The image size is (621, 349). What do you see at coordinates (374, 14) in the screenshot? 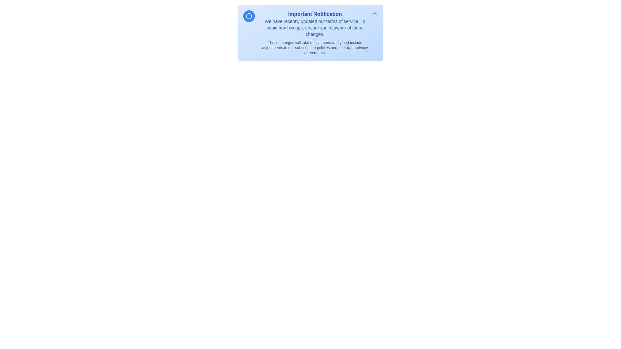
I see `the toggle button to expand or collapse the notification details` at bounding box center [374, 14].